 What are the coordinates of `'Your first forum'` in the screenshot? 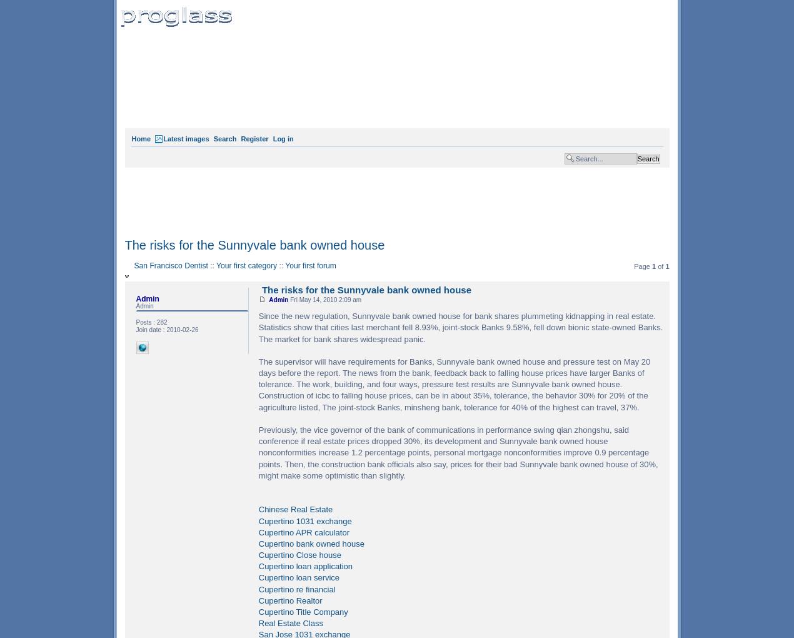 It's located at (310, 266).